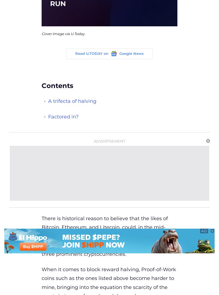 This screenshot has width=219, height=295. Describe the element at coordinates (48, 117) in the screenshot. I see `'Factored in?'` at that location.